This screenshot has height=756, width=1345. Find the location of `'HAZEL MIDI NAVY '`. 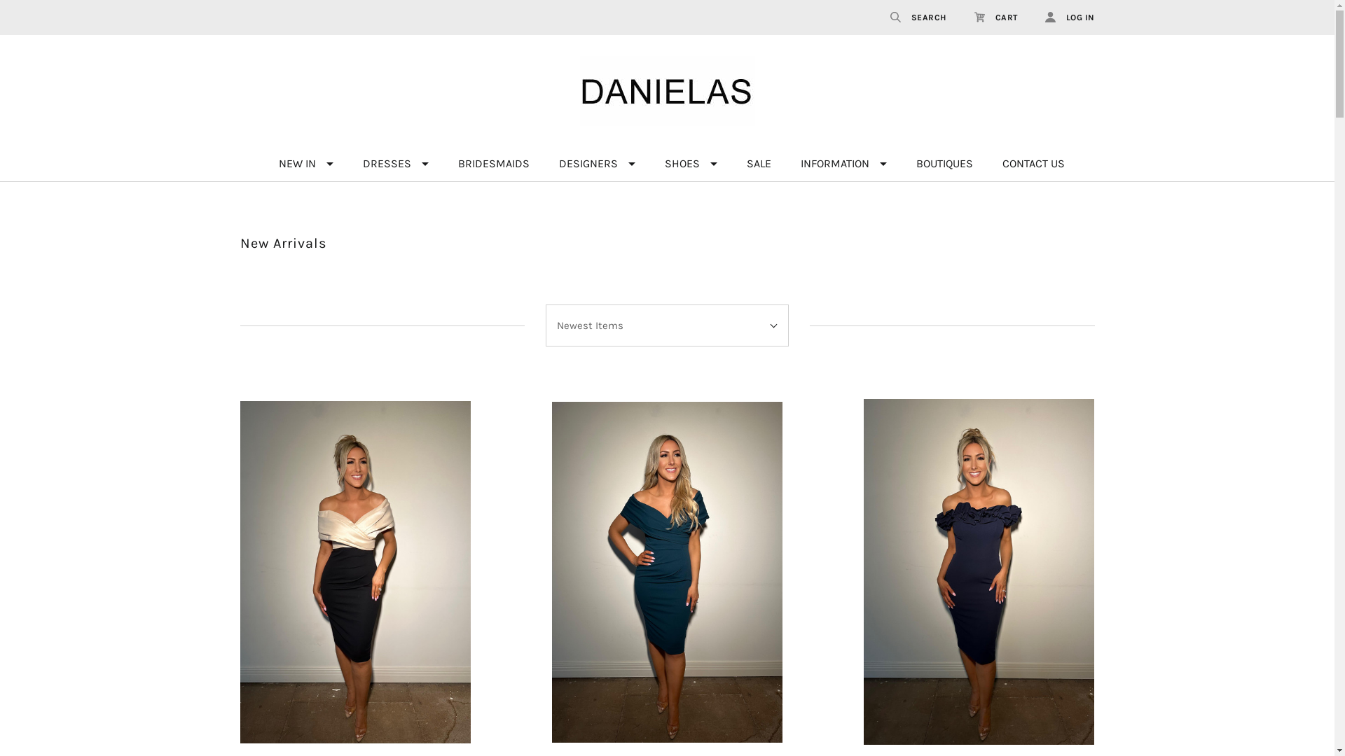

'HAZEL MIDI NAVY ' is located at coordinates (977, 572).